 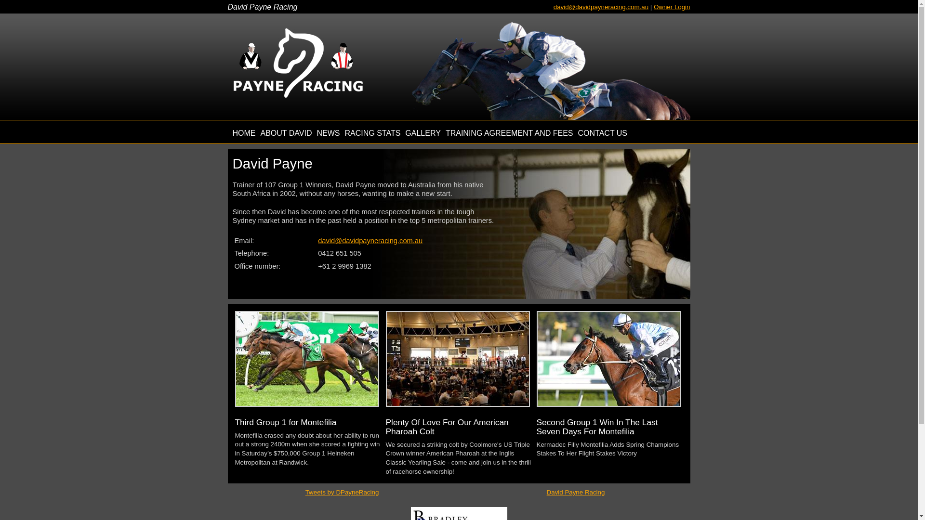 What do you see at coordinates (317, 133) in the screenshot?
I see `'NEWS'` at bounding box center [317, 133].